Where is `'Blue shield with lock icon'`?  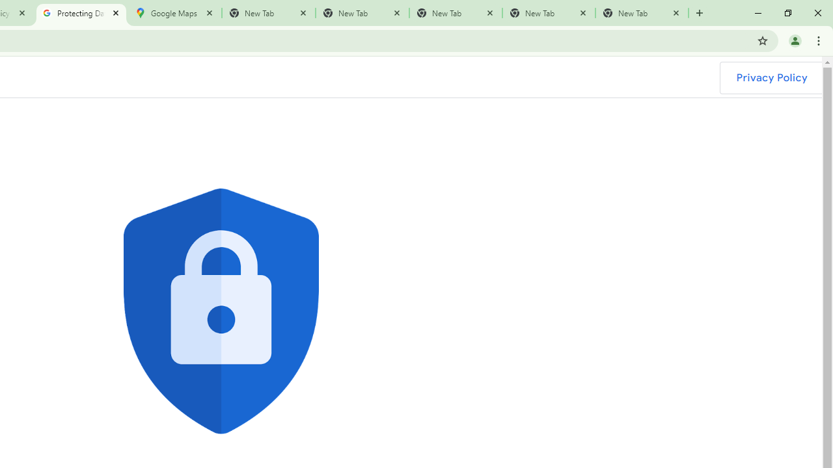
'Blue shield with lock icon' is located at coordinates (221, 311).